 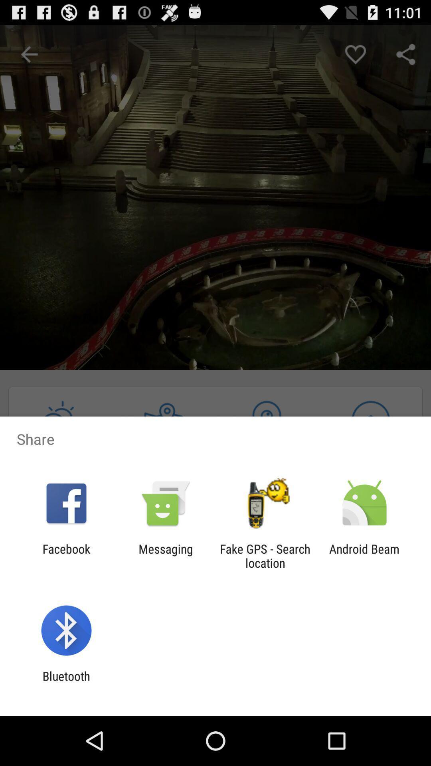 What do you see at coordinates (66, 555) in the screenshot?
I see `the item next to messaging icon` at bounding box center [66, 555].